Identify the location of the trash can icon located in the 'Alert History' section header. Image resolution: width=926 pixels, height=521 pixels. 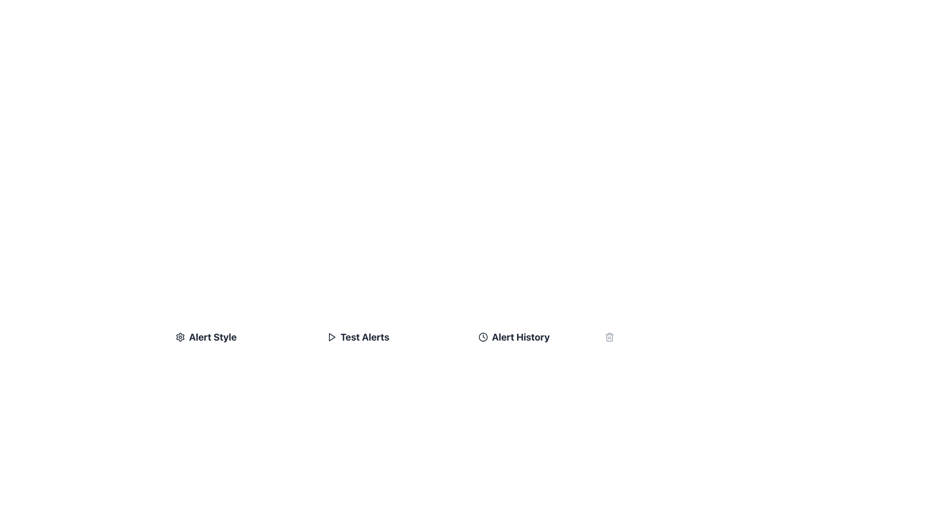
(546, 336).